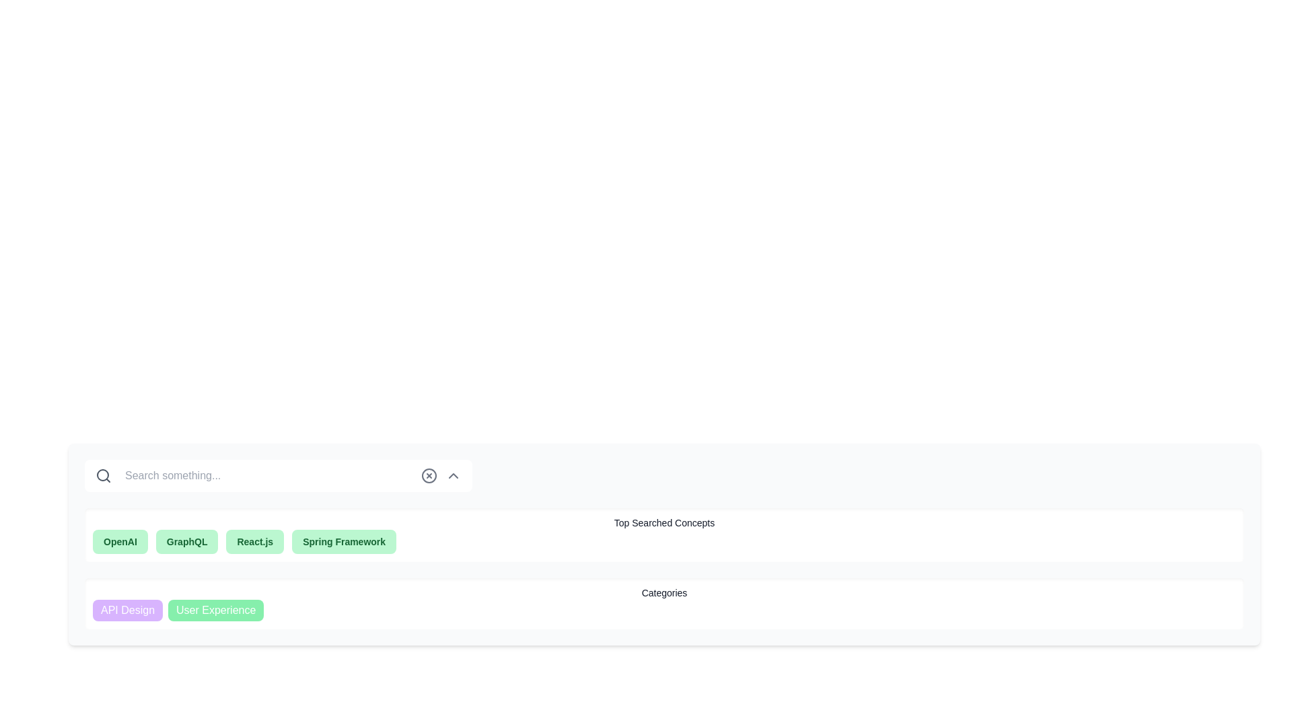 The height and width of the screenshot is (727, 1292). Describe the element at coordinates (344, 541) in the screenshot. I see `the fourth button labeled 'Spring Framework' with a green background in the 'Top Searched Concepts' section` at that location.